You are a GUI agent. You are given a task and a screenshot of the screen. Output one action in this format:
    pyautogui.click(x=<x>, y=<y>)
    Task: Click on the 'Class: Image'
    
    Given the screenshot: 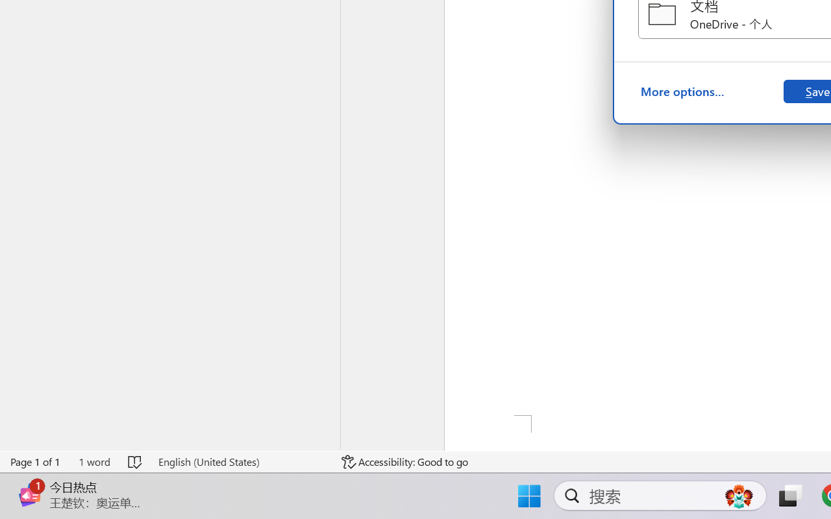 What is the action you would take?
    pyautogui.click(x=30, y=494)
    